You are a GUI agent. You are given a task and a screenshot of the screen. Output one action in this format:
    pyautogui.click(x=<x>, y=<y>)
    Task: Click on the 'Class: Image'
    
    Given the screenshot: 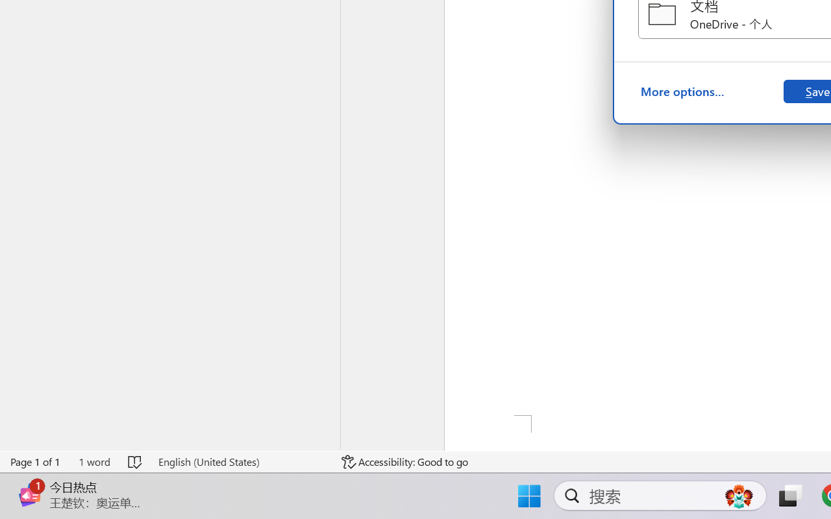 What is the action you would take?
    pyautogui.click(x=30, y=494)
    